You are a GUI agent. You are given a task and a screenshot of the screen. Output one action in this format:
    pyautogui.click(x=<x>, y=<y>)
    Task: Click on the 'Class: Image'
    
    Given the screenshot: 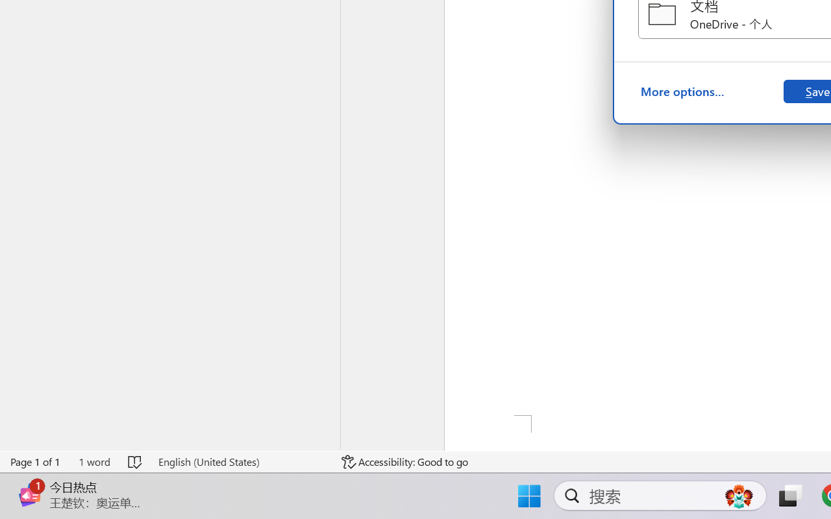 What is the action you would take?
    pyautogui.click(x=30, y=494)
    